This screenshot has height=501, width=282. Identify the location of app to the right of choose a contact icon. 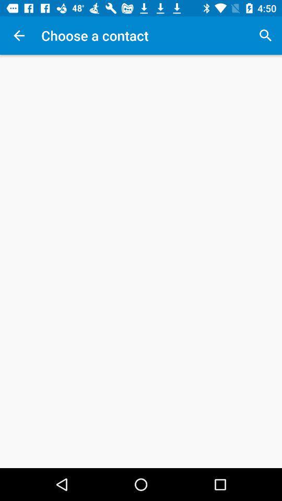
(265, 35).